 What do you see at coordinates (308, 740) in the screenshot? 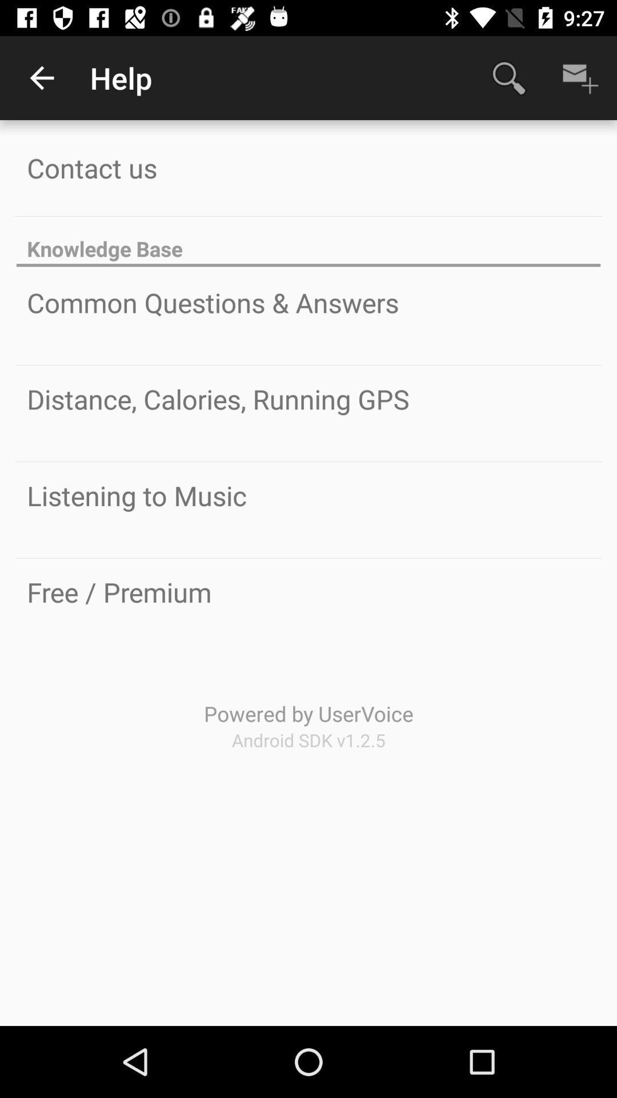
I see `the android sdk v1` at bounding box center [308, 740].